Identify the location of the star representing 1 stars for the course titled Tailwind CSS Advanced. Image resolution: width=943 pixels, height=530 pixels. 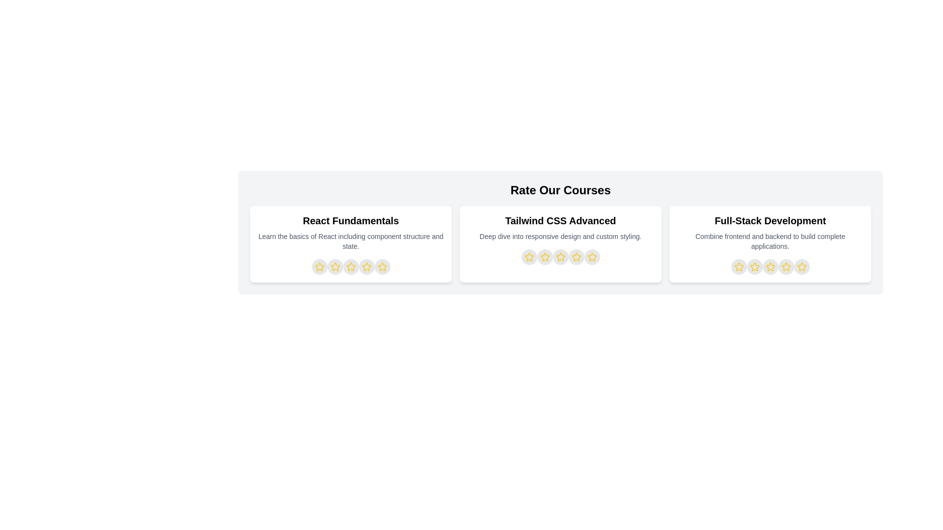
(528, 257).